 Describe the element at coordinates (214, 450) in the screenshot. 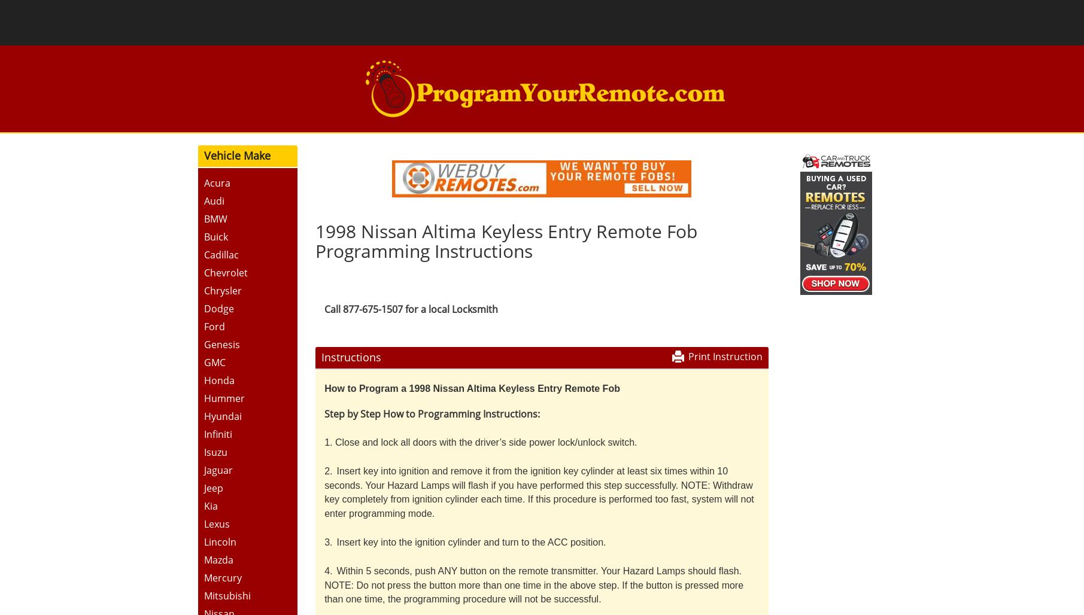

I see `'Isuzu'` at that location.